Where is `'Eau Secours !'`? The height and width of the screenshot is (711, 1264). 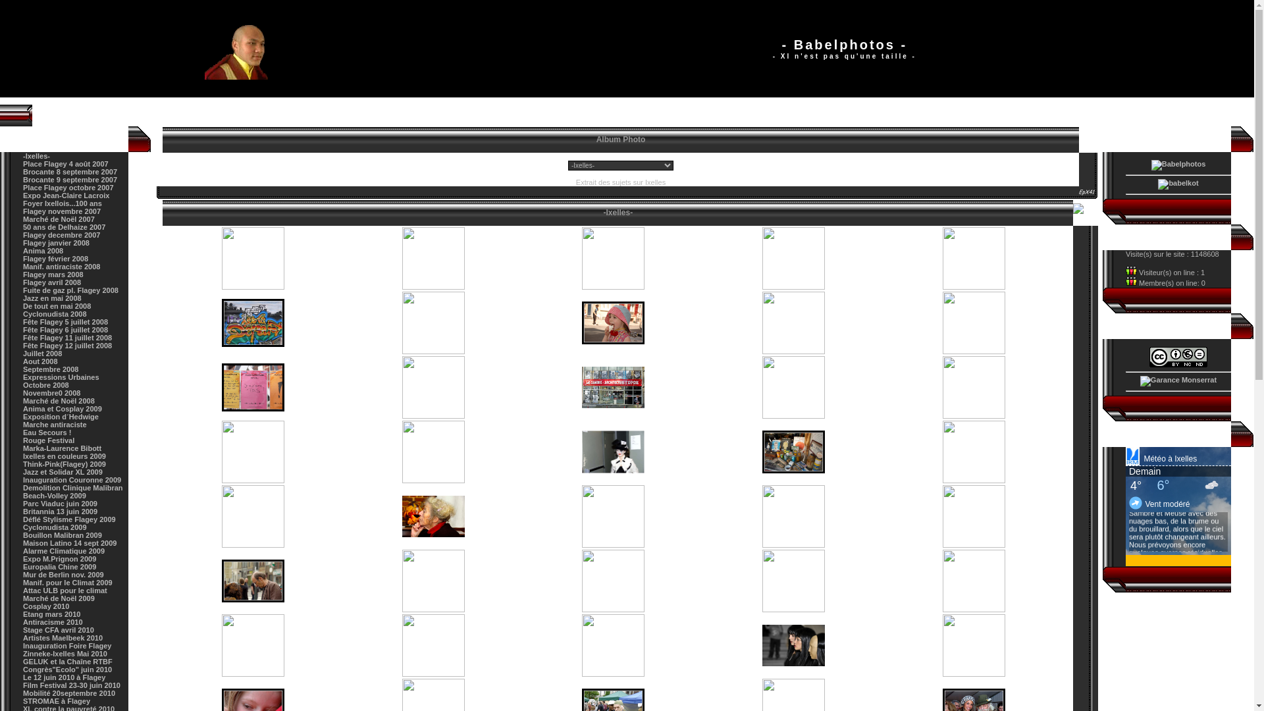 'Eau Secours !' is located at coordinates (47, 432).